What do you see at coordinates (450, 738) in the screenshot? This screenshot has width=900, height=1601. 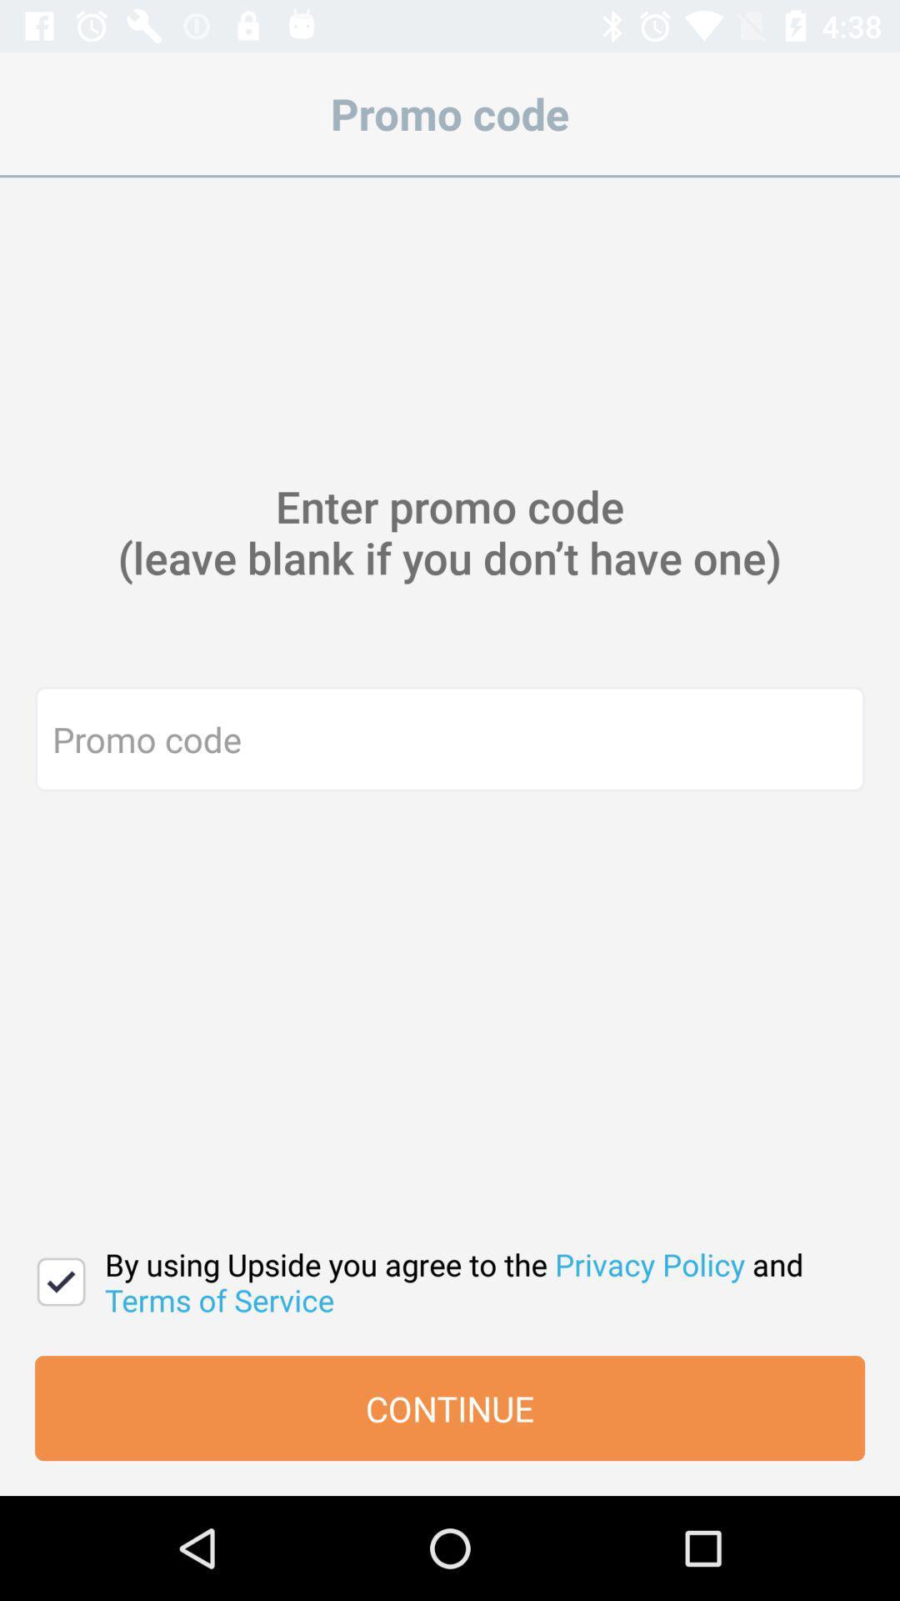 I see `promo code` at bounding box center [450, 738].